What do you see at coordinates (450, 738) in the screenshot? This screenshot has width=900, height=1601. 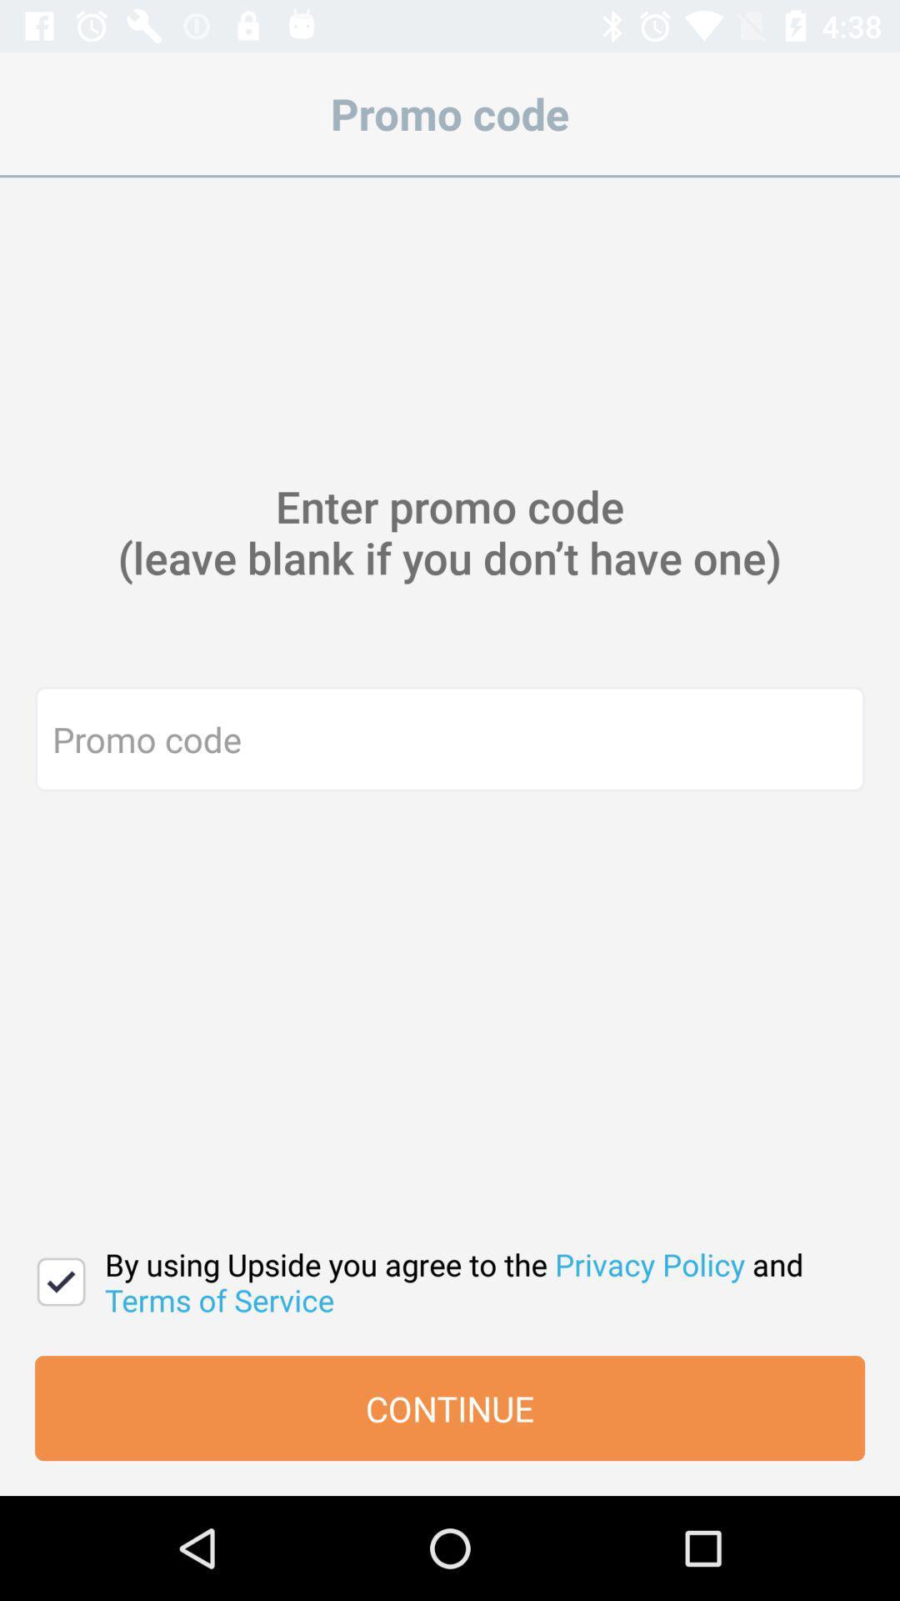 I see `promo code` at bounding box center [450, 738].